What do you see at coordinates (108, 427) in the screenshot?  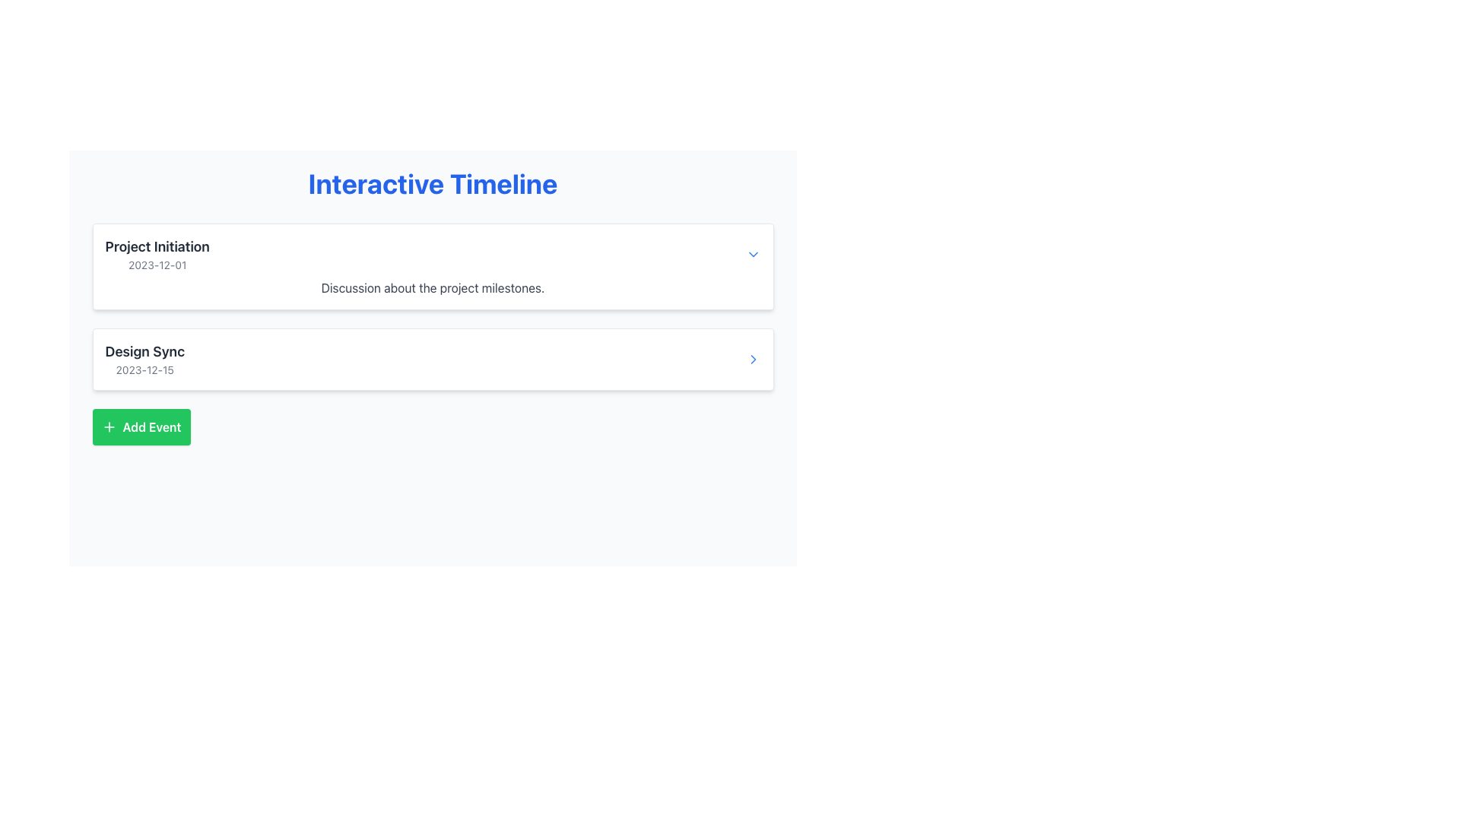 I see `the plus sign icon within the 'Add Event' button` at bounding box center [108, 427].